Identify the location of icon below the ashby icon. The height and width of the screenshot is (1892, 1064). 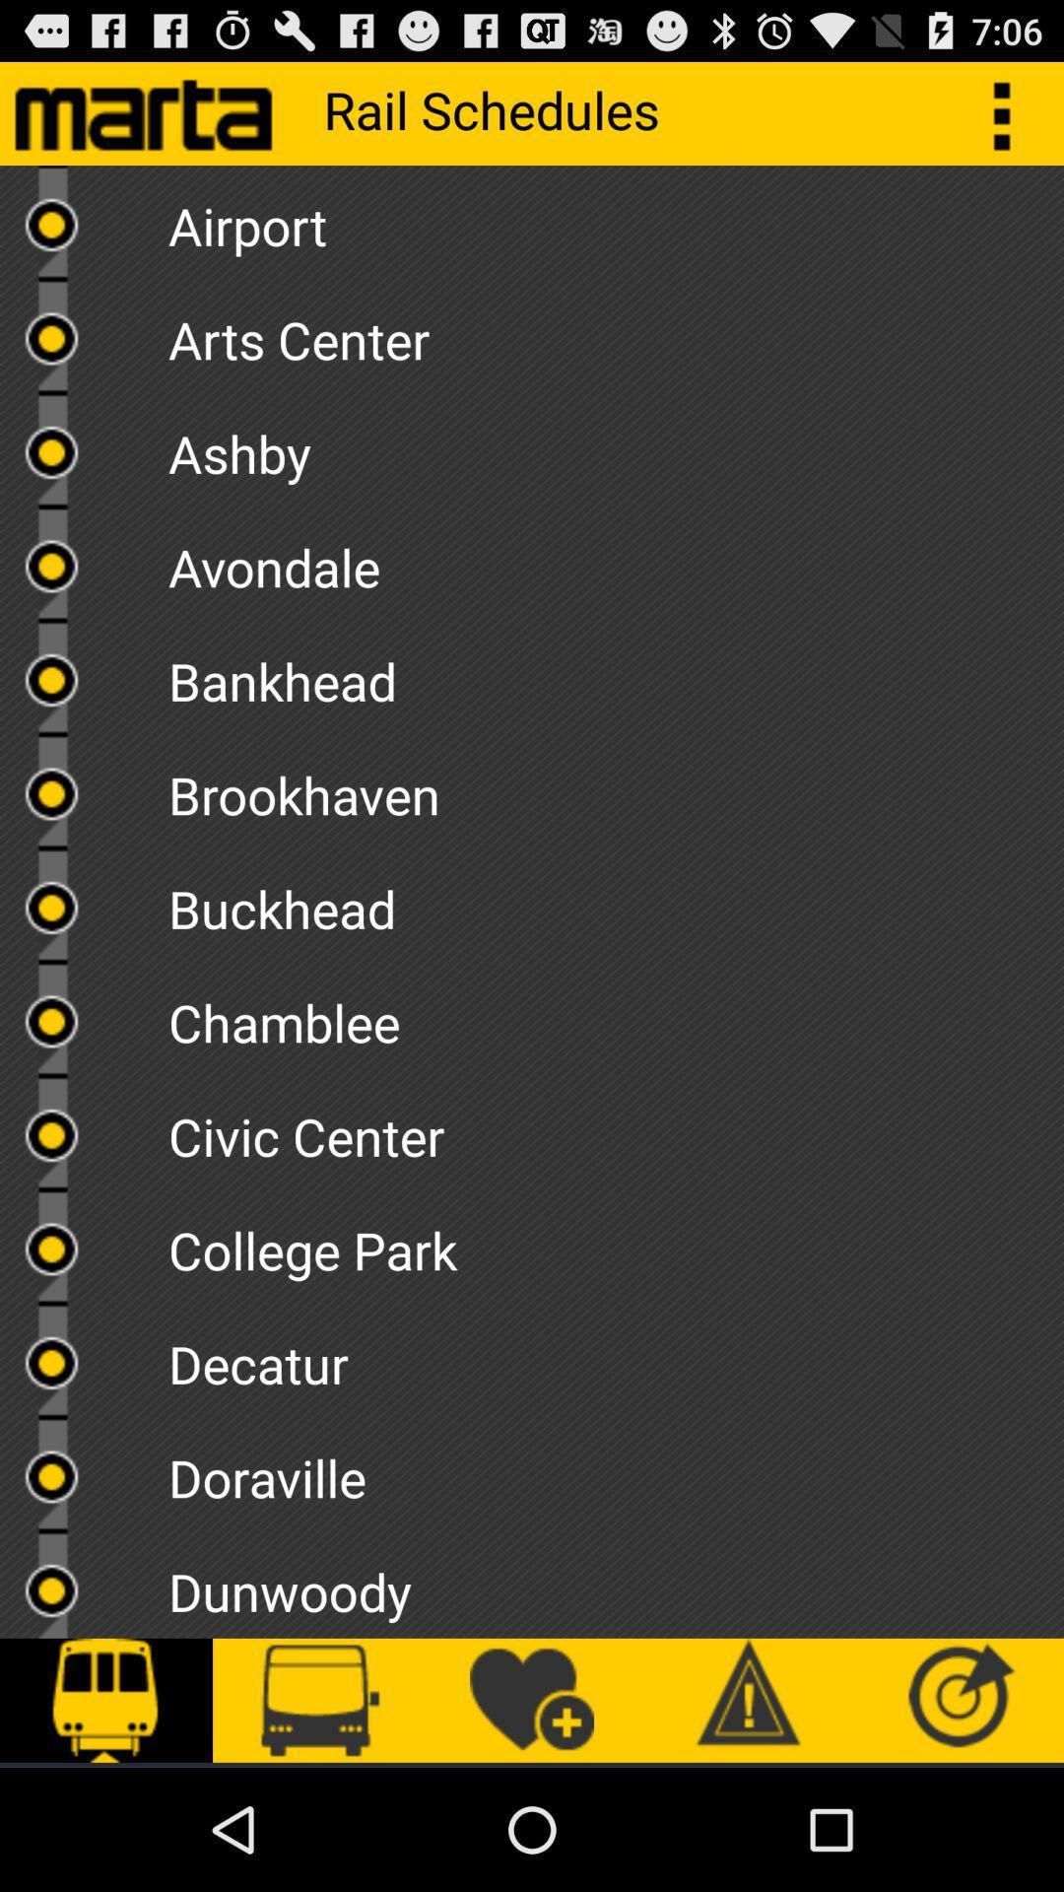
(615, 560).